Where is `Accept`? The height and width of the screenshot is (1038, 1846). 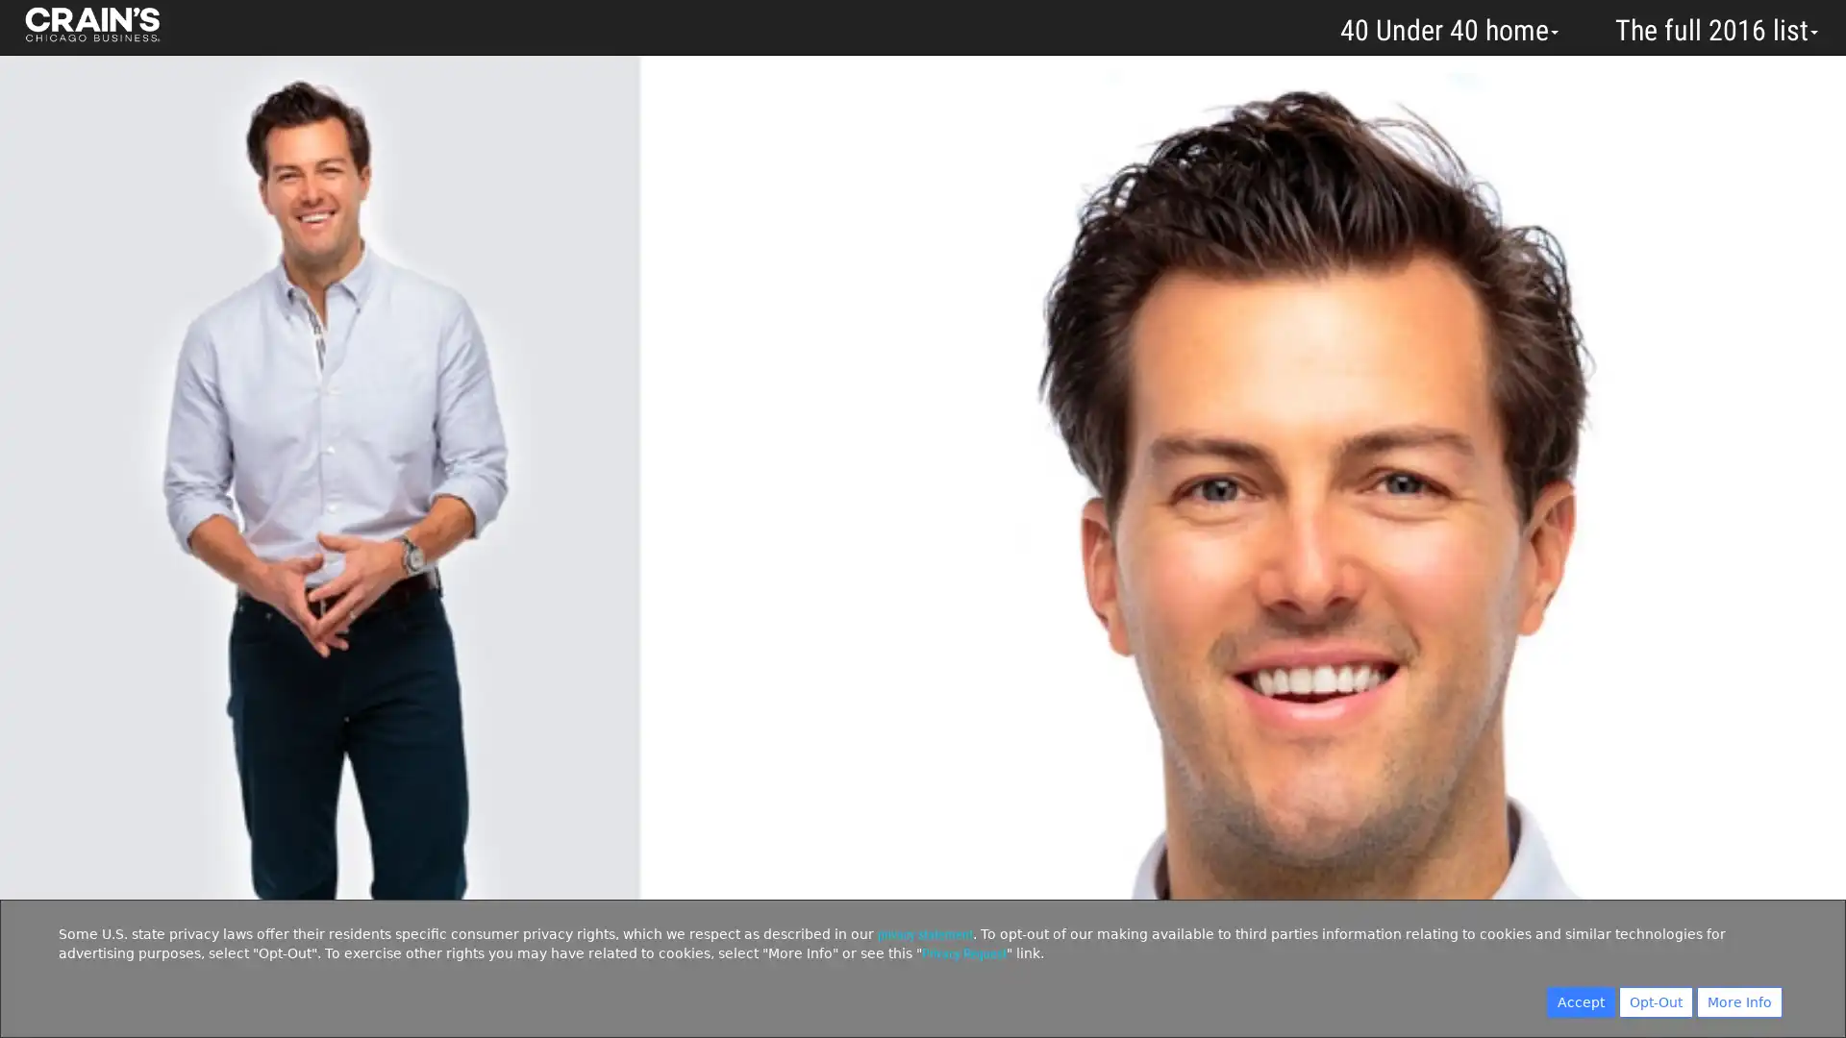
Accept is located at coordinates (1581, 1001).